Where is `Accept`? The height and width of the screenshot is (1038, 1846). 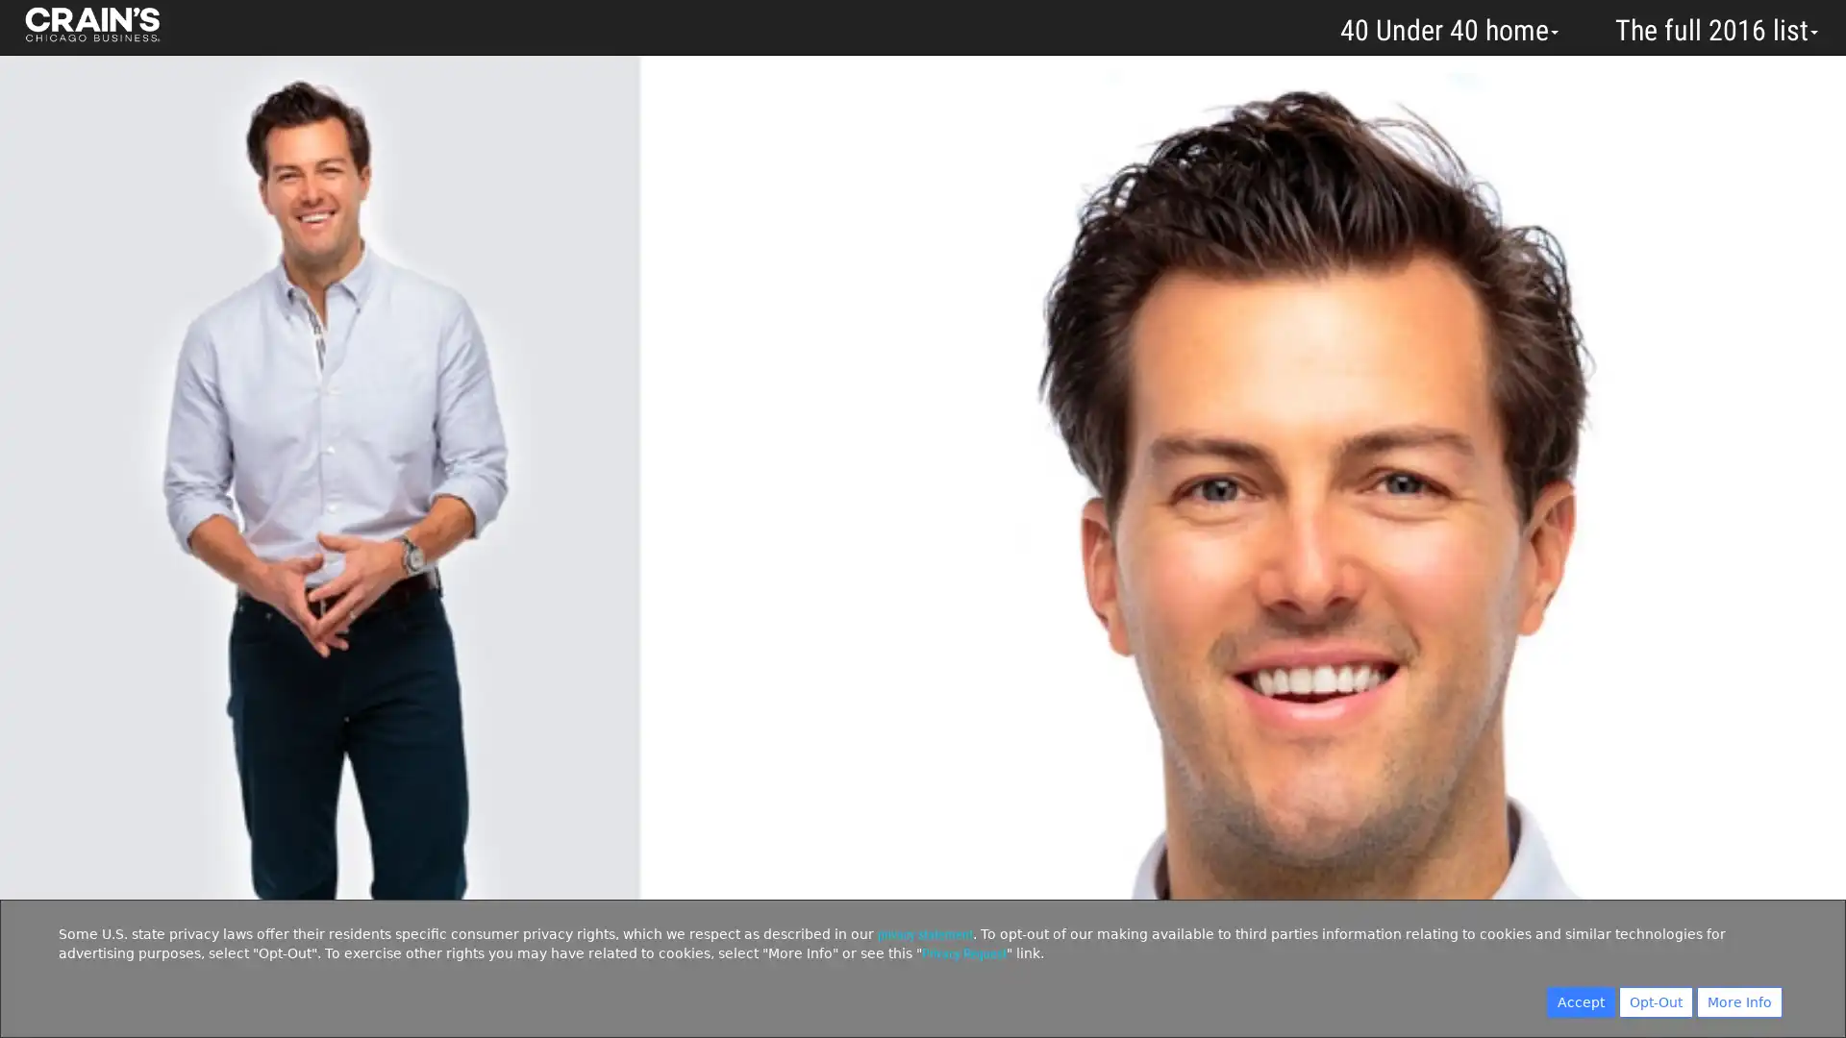
Accept is located at coordinates (1581, 1001).